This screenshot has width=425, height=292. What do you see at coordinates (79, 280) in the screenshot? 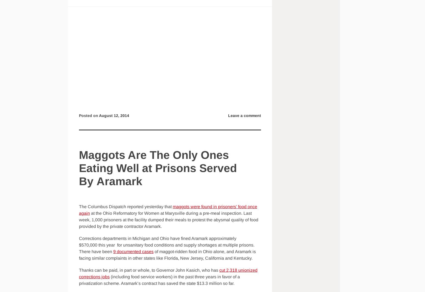
I see `'(including food service workers) in the past three years in favor of a privatization scheme. Aramark’s contract has saved the state $13.3 million so far.'` at bounding box center [79, 280].